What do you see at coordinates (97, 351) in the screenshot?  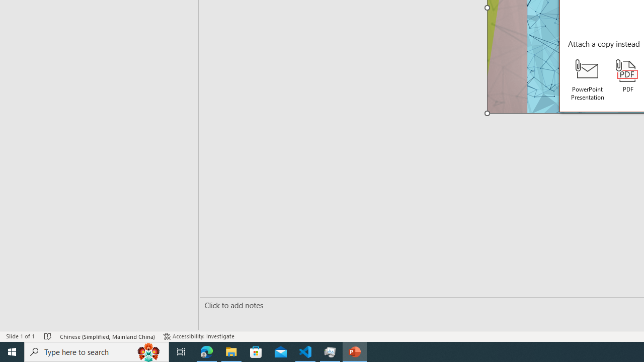 I see `'Type here to search'` at bounding box center [97, 351].